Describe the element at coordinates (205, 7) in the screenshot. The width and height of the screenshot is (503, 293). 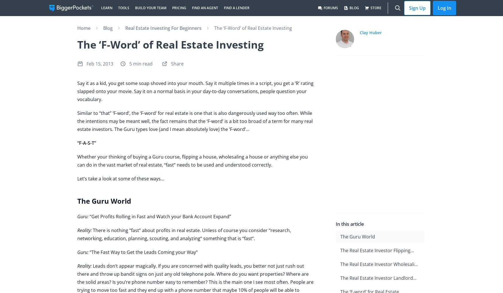
I see `'Find an Agent'` at that location.